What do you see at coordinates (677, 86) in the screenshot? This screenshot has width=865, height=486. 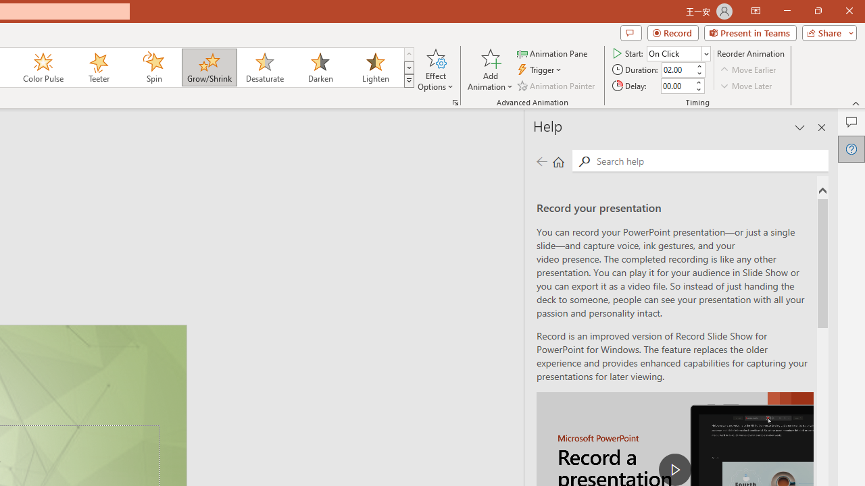 I see `'Animation Delay'` at bounding box center [677, 86].